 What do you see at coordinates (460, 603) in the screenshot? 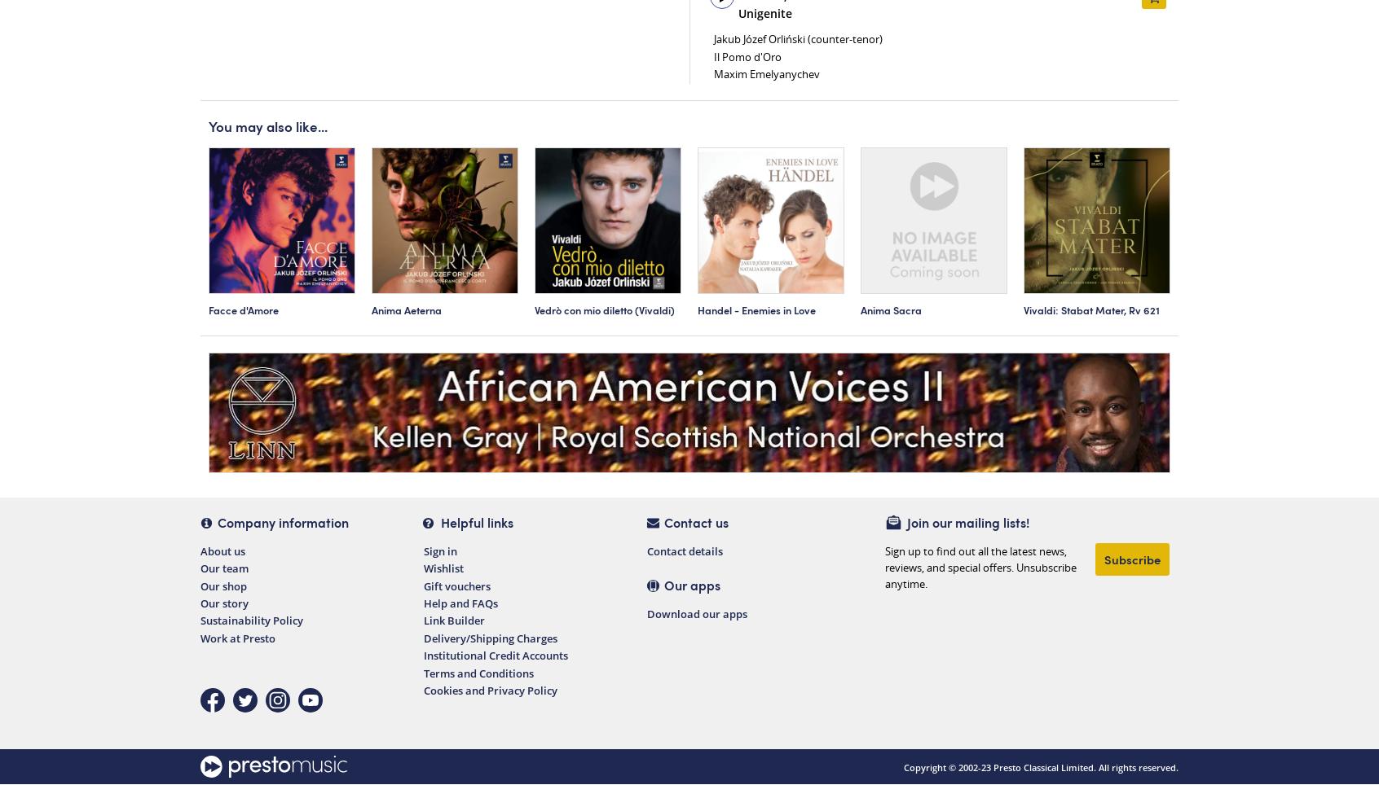
I see `'Help and FAQs'` at bounding box center [460, 603].